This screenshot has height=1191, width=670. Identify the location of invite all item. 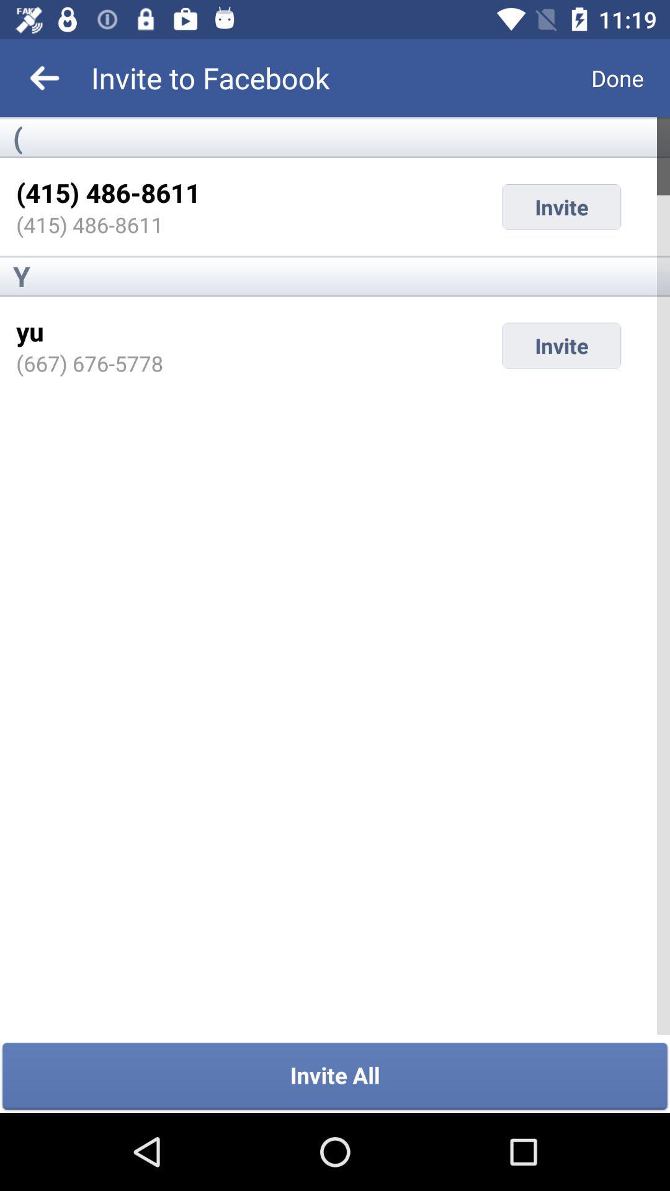
(335, 1076).